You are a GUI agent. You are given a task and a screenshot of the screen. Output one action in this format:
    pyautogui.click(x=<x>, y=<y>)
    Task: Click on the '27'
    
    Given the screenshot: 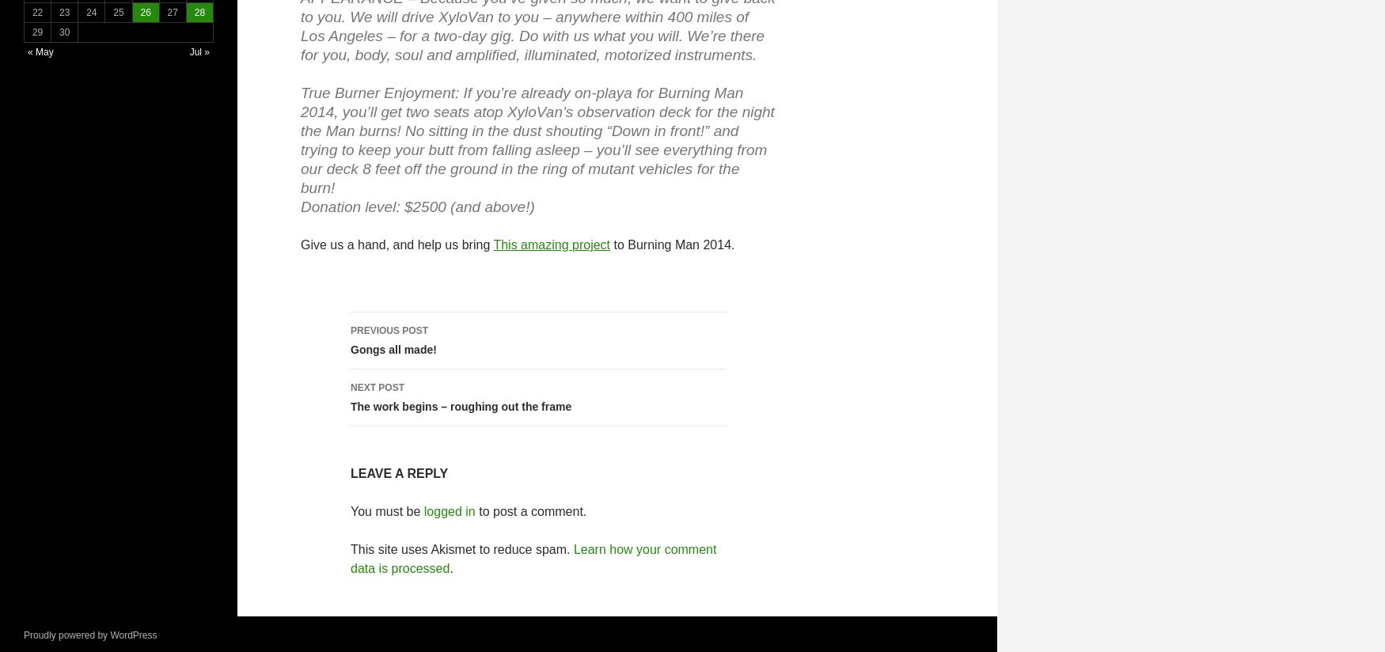 What is the action you would take?
    pyautogui.click(x=172, y=11)
    